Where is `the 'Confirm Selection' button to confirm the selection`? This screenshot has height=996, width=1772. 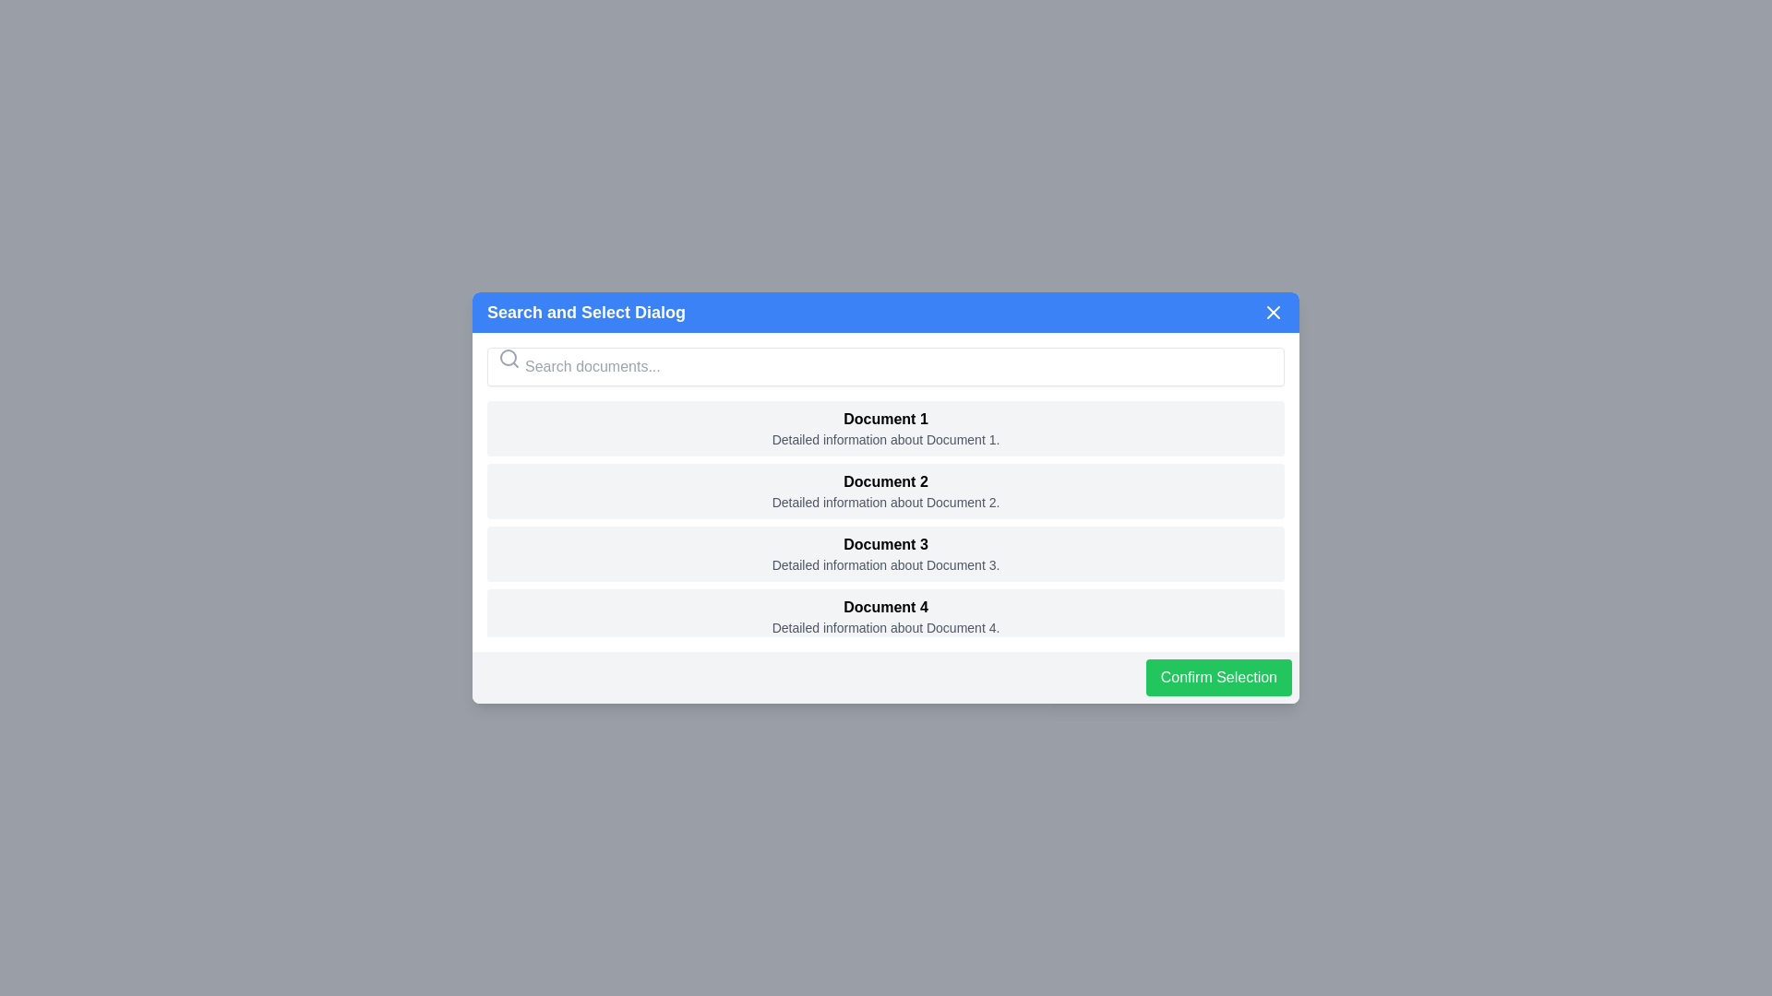 the 'Confirm Selection' button to confirm the selection is located at coordinates (1218, 678).